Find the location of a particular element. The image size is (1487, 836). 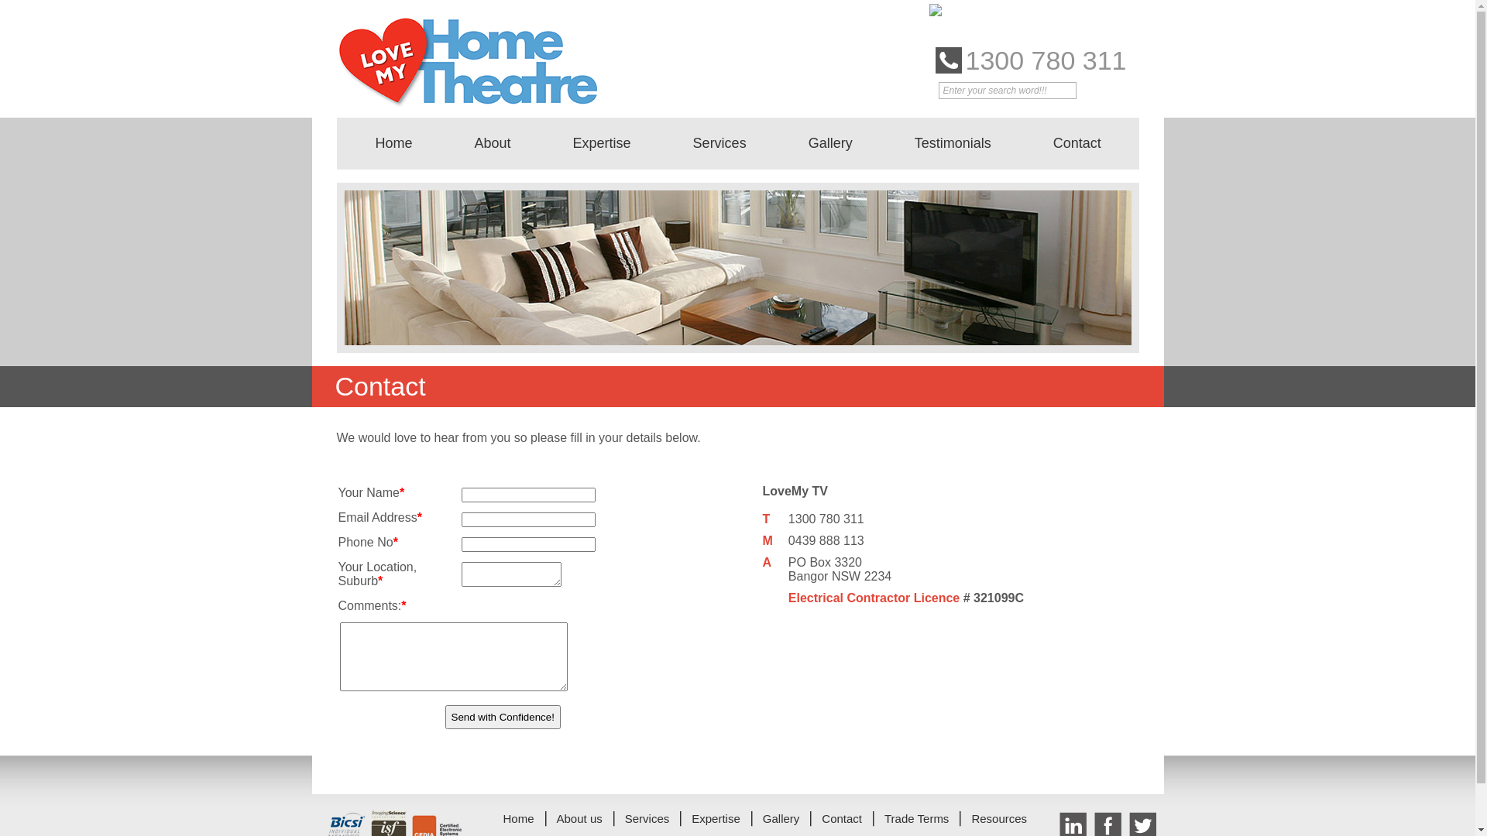

'Services' is located at coordinates (624, 817).